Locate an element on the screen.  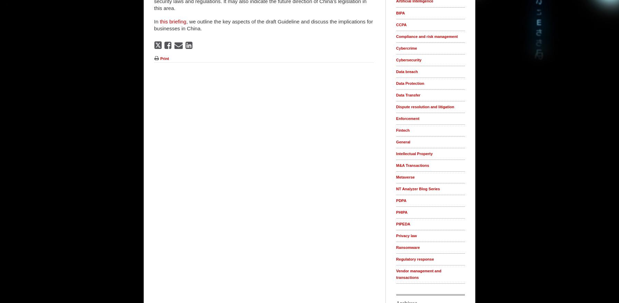
'PDPA' is located at coordinates (401, 200).